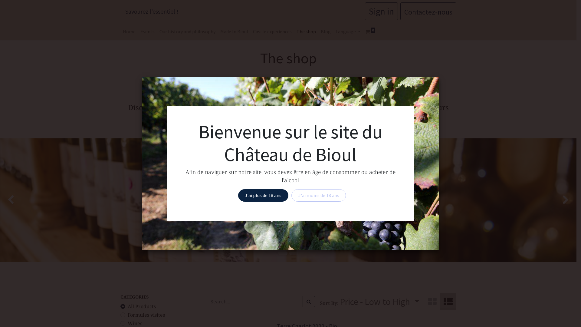 Image resolution: width=581 pixels, height=327 pixels. I want to click on 'Contactez-nous', so click(428, 11).